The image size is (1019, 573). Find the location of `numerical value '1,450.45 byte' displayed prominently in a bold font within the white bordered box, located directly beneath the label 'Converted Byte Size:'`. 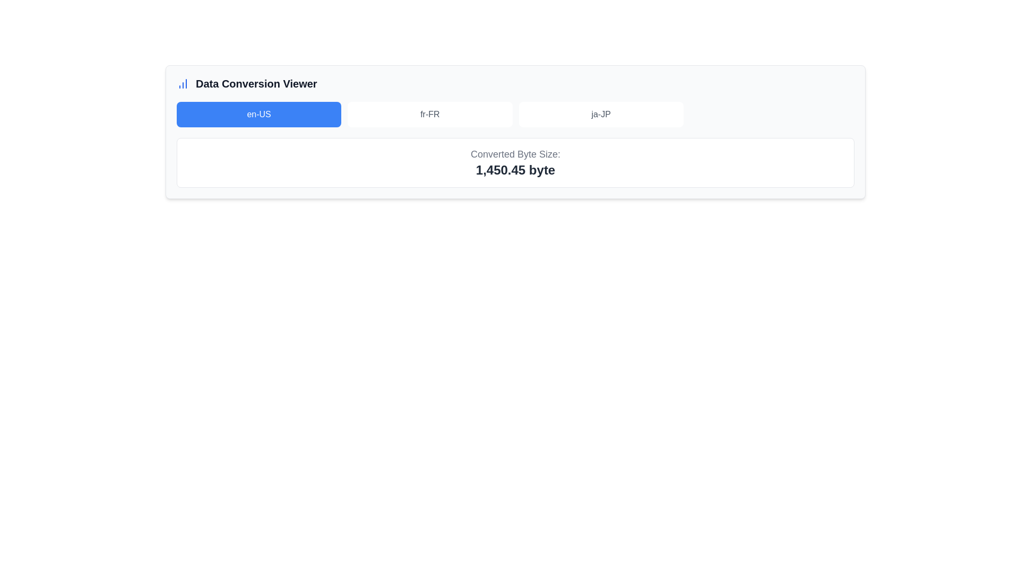

numerical value '1,450.45 byte' displayed prominently in a bold font within the white bordered box, located directly beneath the label 'Converted Byte Size:' is located at coordinates (515, 169).